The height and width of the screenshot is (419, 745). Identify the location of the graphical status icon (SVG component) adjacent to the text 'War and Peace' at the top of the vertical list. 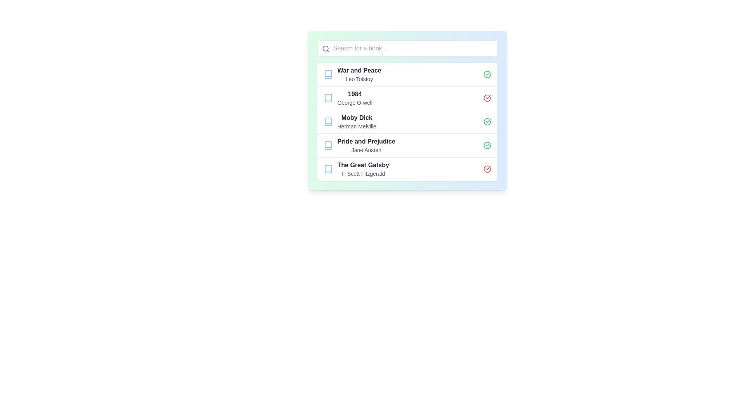
(487, 74).